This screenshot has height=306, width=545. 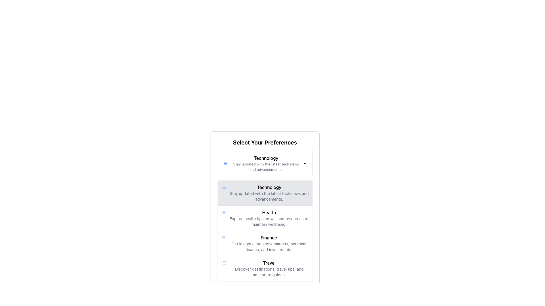 I want to click on the text label providing a brief description of the 'Technology' category, located just below the 'Technology' heading, so click(x=269, y=196).